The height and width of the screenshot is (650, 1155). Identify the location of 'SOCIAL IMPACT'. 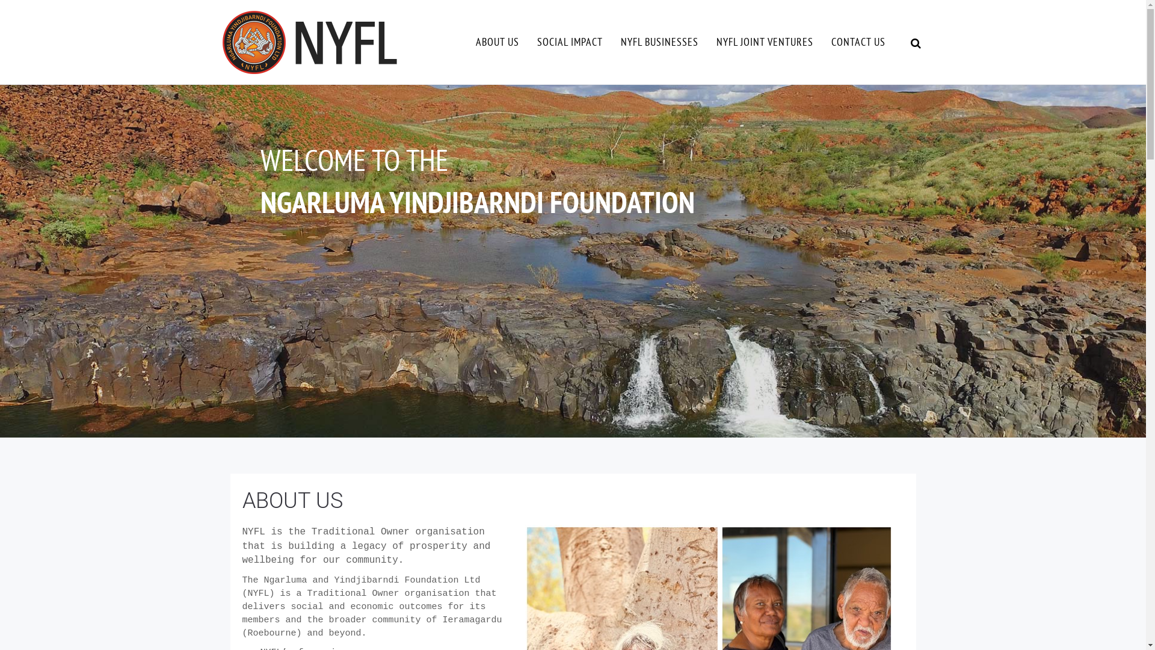
(569, 41).